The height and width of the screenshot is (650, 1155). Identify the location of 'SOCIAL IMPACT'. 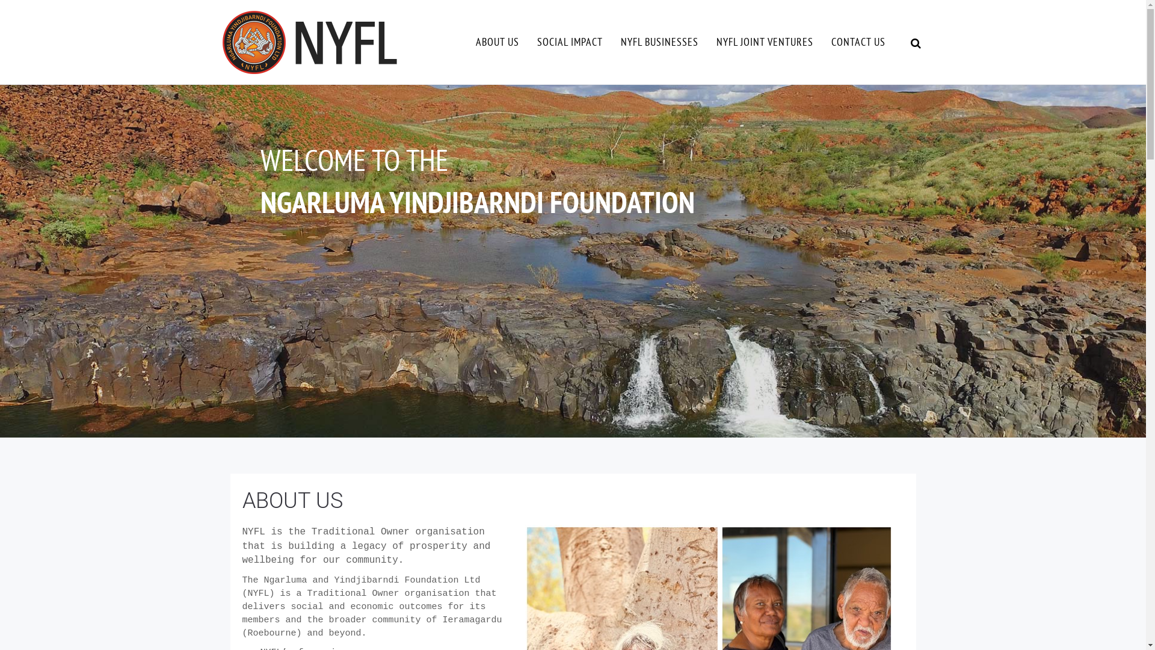
(569, 41).